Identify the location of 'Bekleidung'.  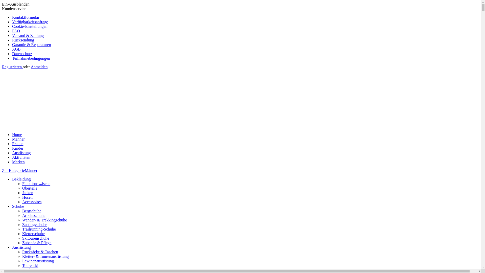
(21, 179).